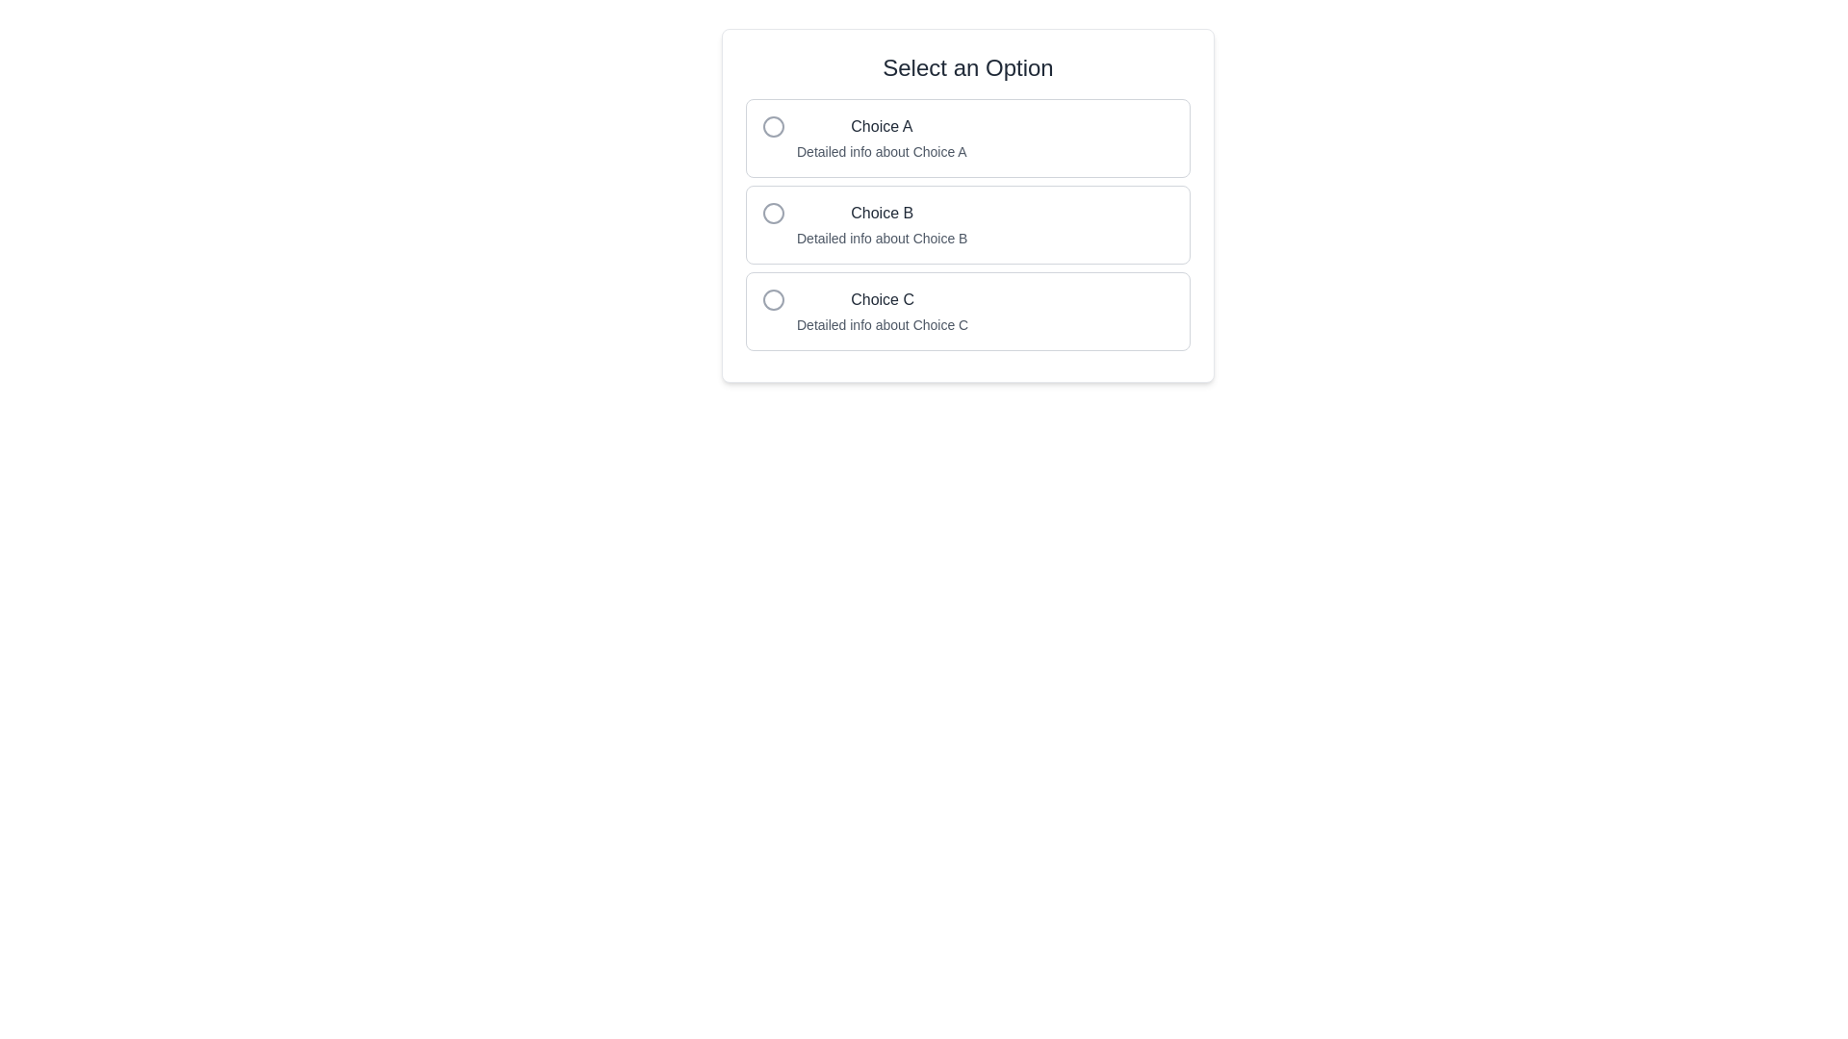 This screenshot has width=1848, height=1039. Describe the element at coordinates (881, 137) in the screenshot. I see `the static text block titled 'Choice A' which includes a description 'Detailed info about Choice A', located in the first selectable option of a vertical list, above 'Choice B' and 'Choice C'` at that location.